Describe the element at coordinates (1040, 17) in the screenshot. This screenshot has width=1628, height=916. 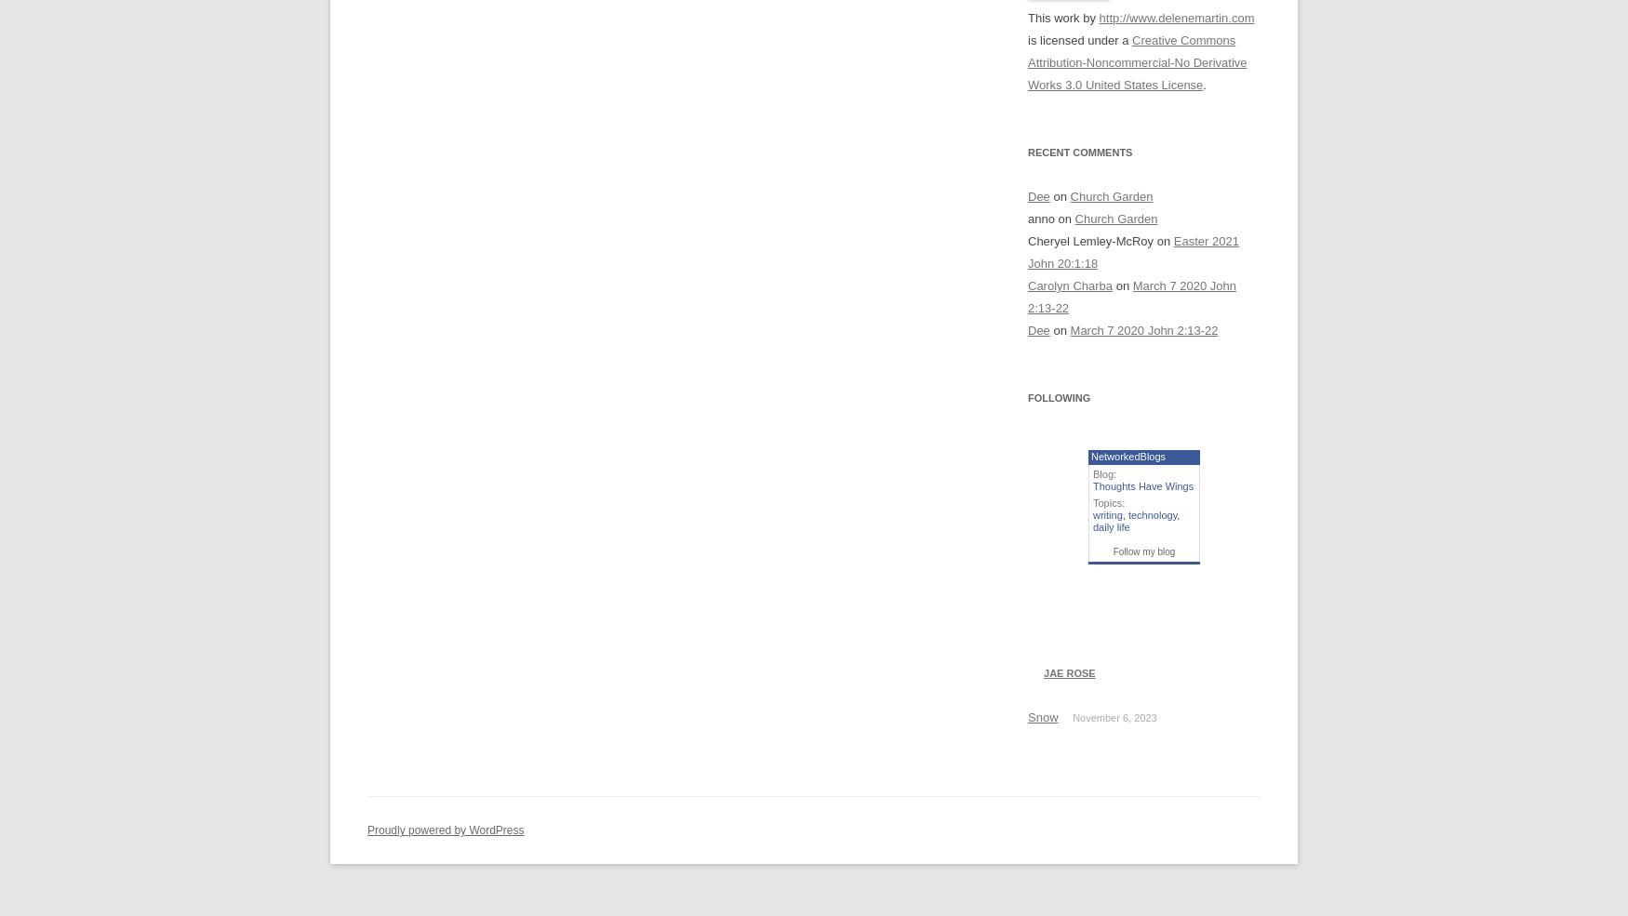
I see `'This'` at that location.